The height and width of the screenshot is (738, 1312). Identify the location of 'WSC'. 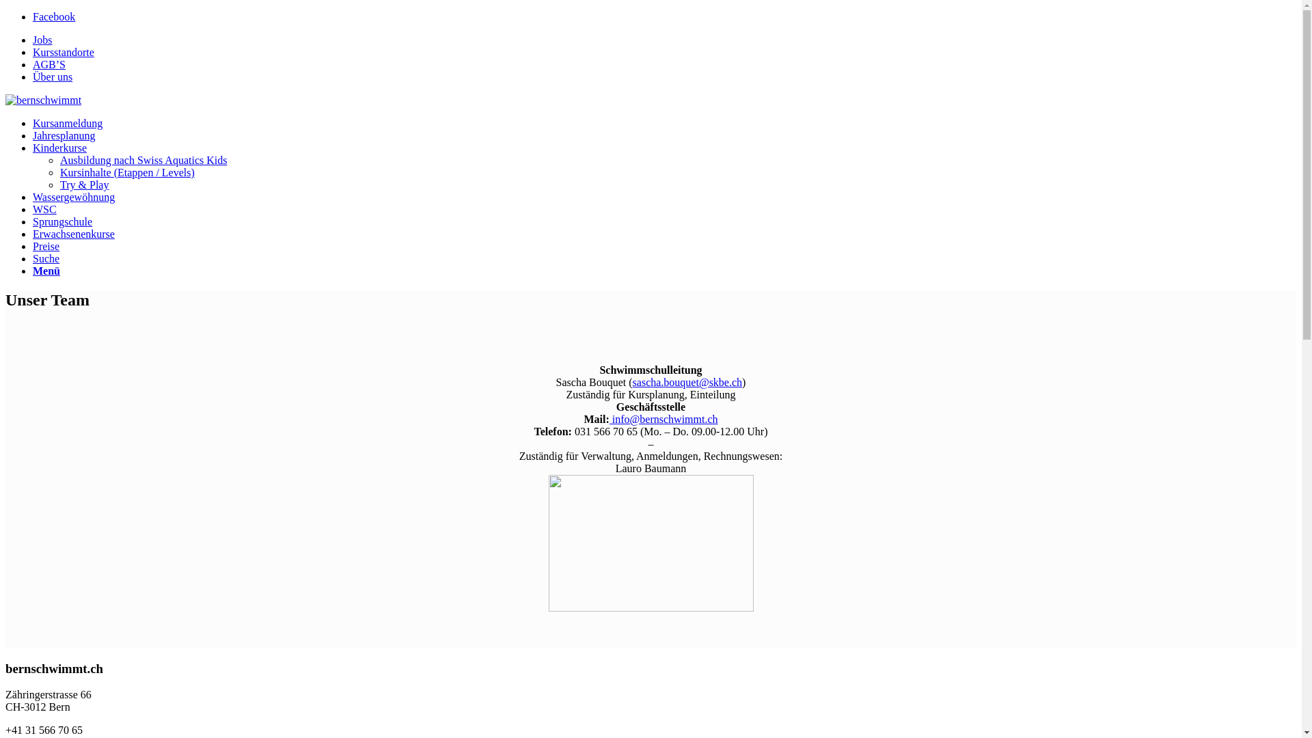
(44, 209).